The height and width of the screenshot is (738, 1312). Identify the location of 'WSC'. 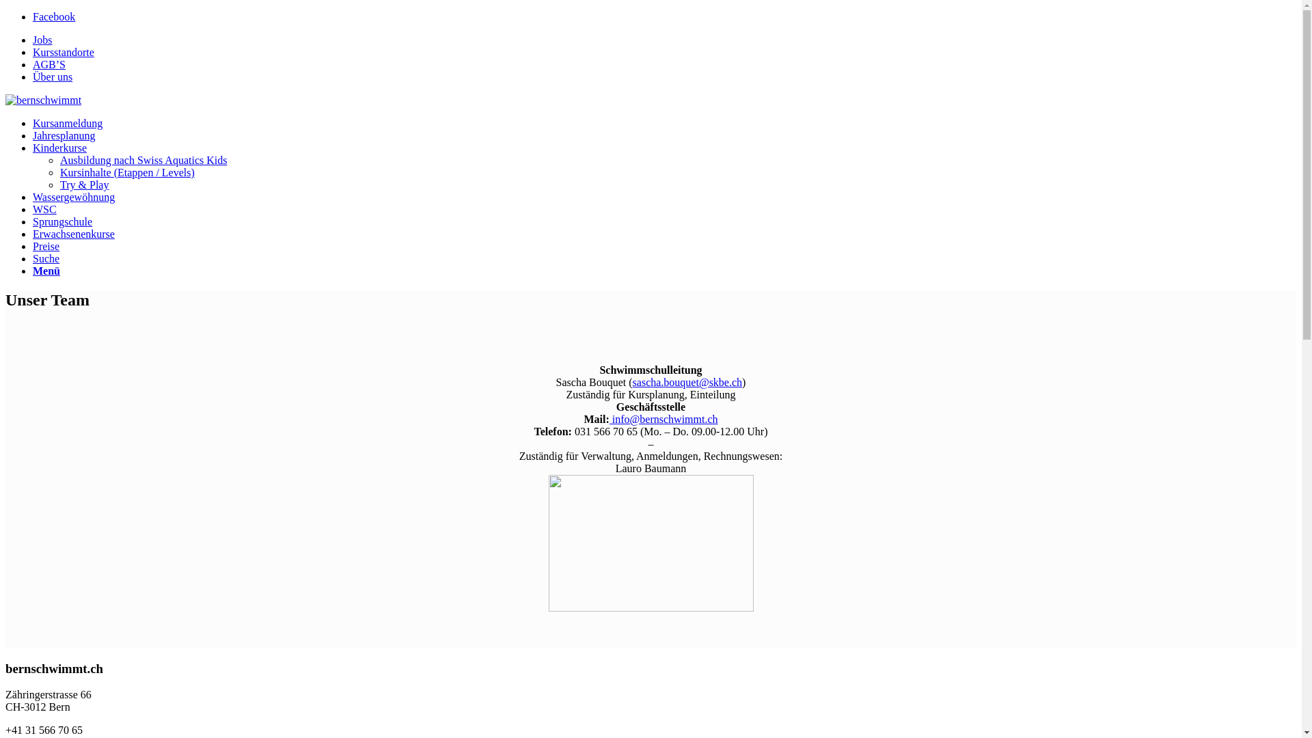
(44, 209).